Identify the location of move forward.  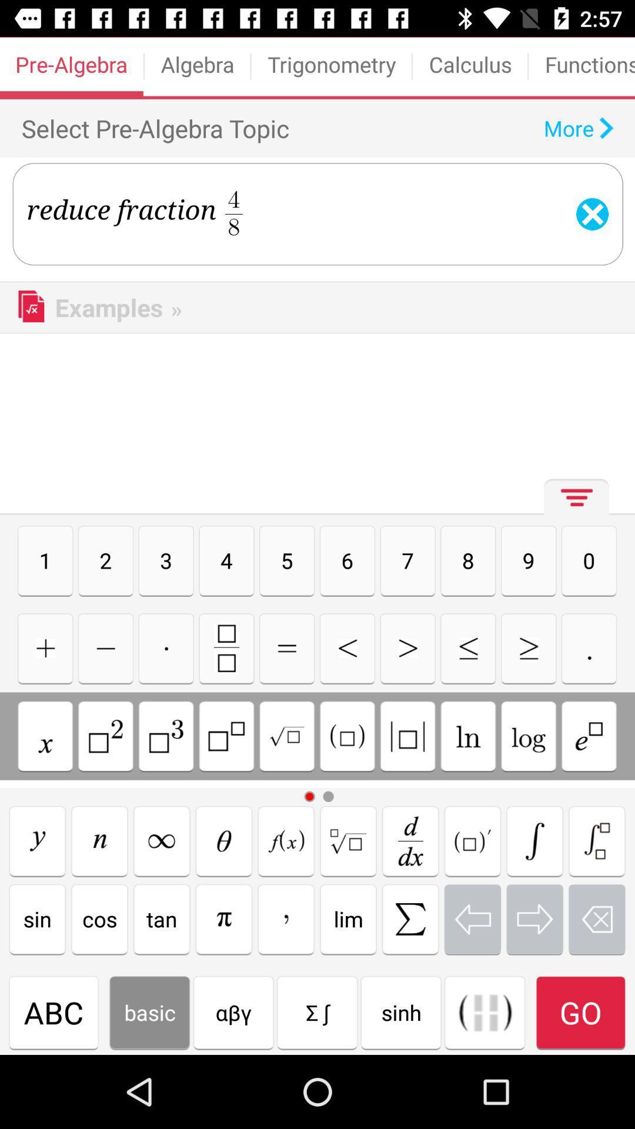
(534, 918).